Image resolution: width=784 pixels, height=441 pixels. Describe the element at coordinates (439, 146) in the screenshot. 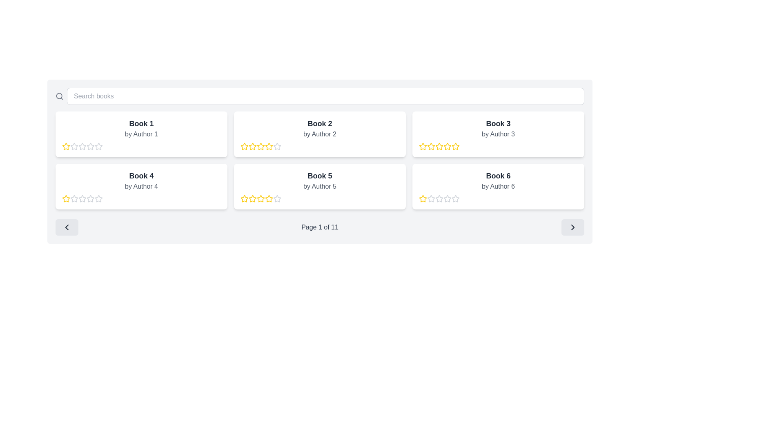

I see `the third rating star icon for 'Book 3 by Author 3'` at that location.